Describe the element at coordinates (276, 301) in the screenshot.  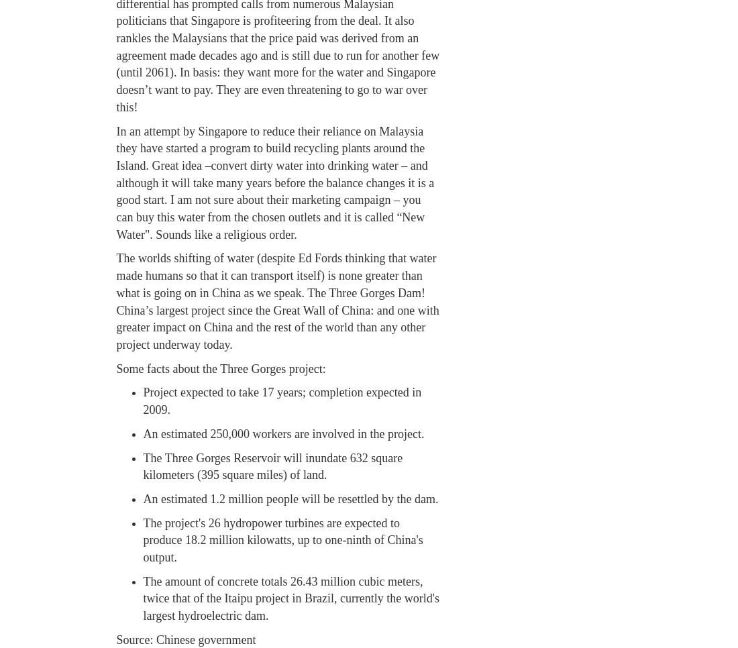
I see `'The worlds shifting of water (despite Ed Fords thinking that water made humans so that it can transport itself) is none greater than what is going on in China as we speak. The Three Gorges Dam! China’s largest project since the Great Wall of China: and one with greater impact on China and the rest of the world than any other project underway today.'` at that location.